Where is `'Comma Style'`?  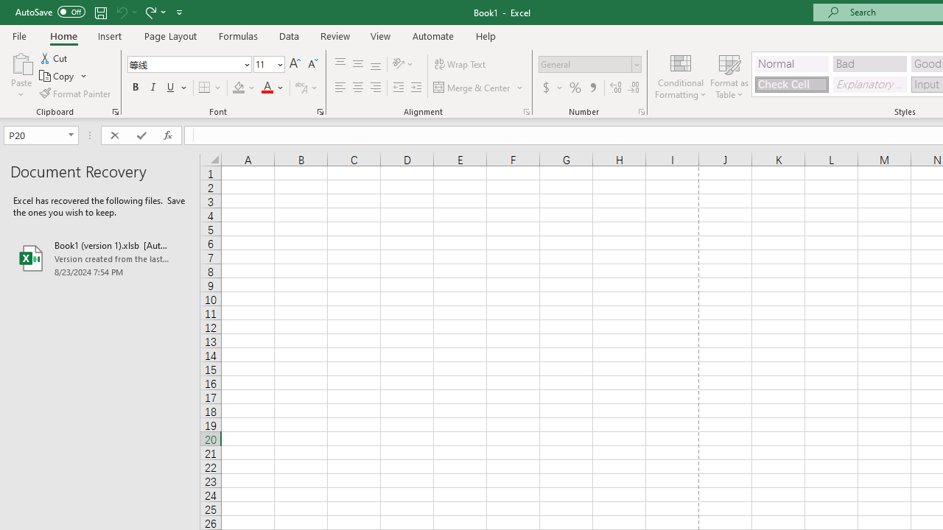
'Comma Style' is located at coordinates (593, 88).